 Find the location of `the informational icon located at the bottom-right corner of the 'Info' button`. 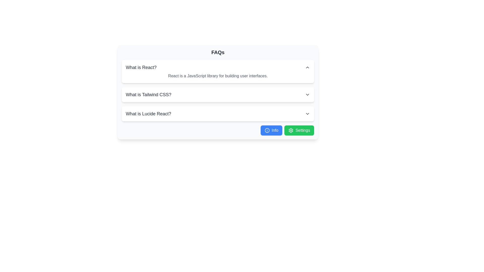

the informational icon located at the bottom-right corner of the 'Info' button is located at coordinates (267, 130).